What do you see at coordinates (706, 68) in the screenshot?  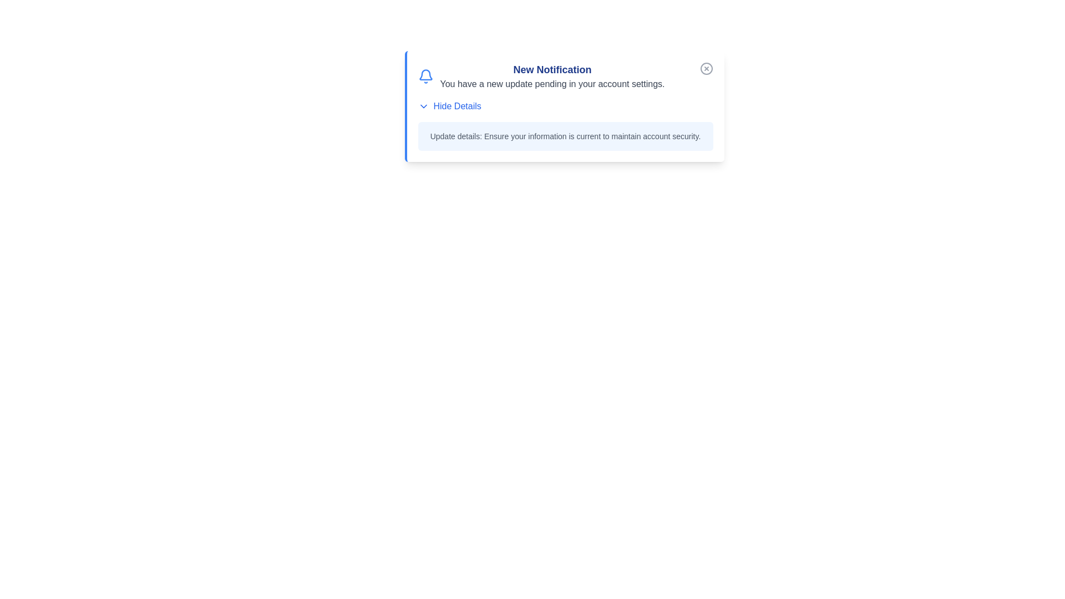 I see `the close button located at the top-right corner of the notification message box` at bounding box center [706, 68].